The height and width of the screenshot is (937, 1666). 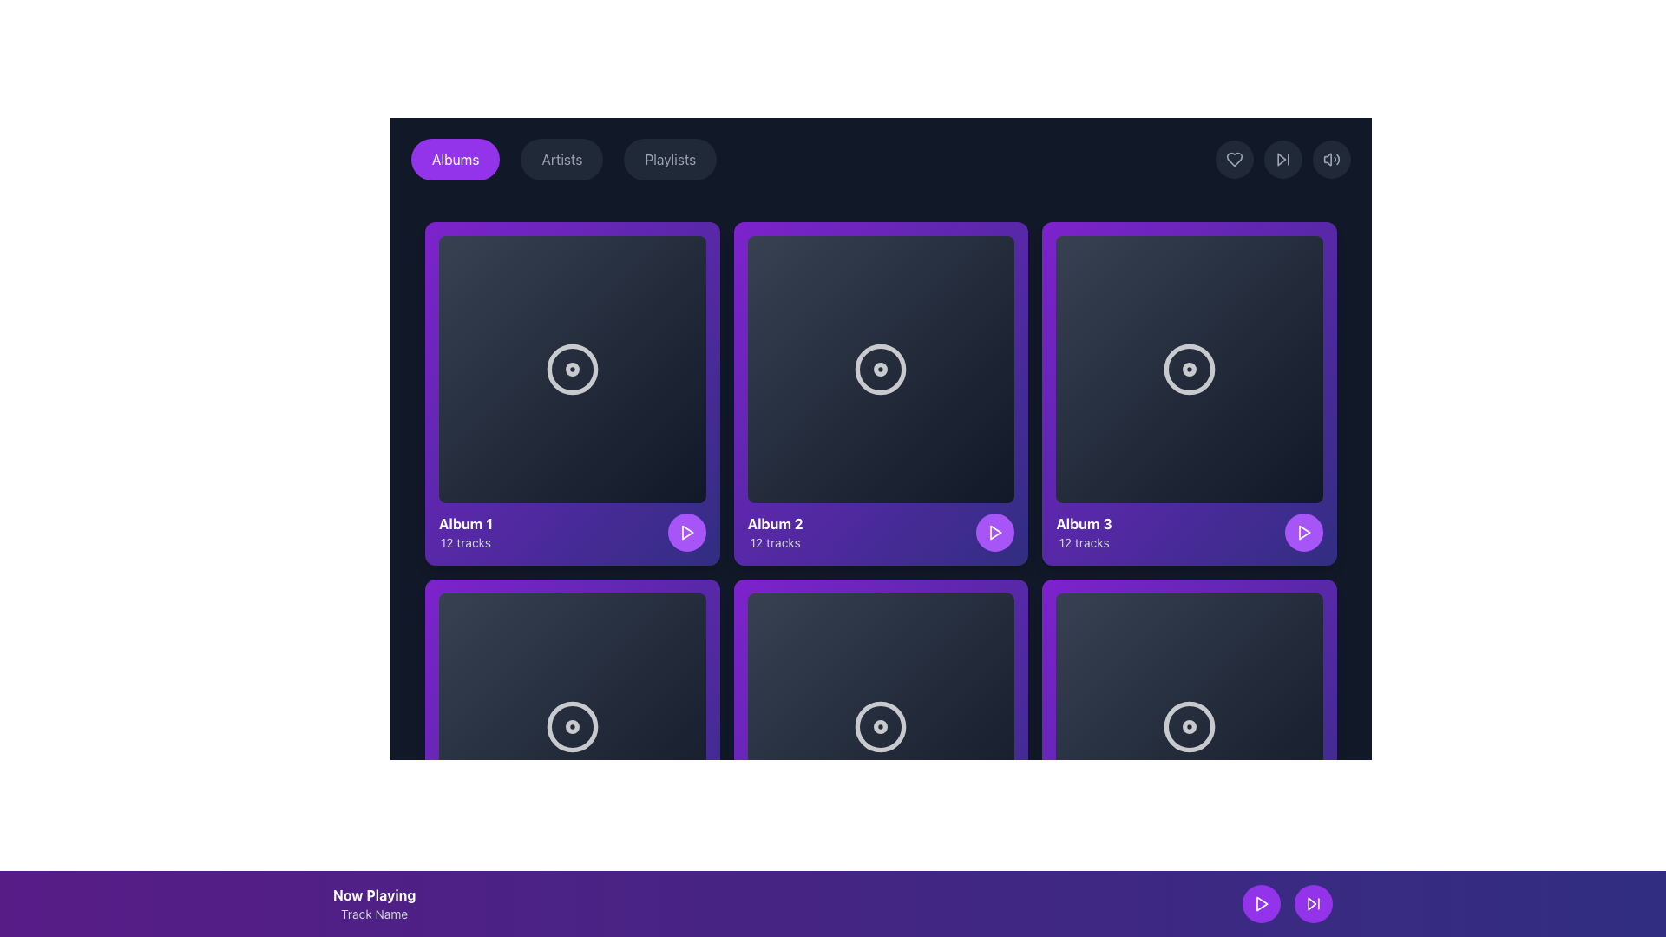 What do you see at coordinates (1189, 726) in the screenshot?
I see `the decorative graphic indicator in the bottom-right corner of the fifth album card, which enhances the album display grid` at bounding box center [1189, 726].